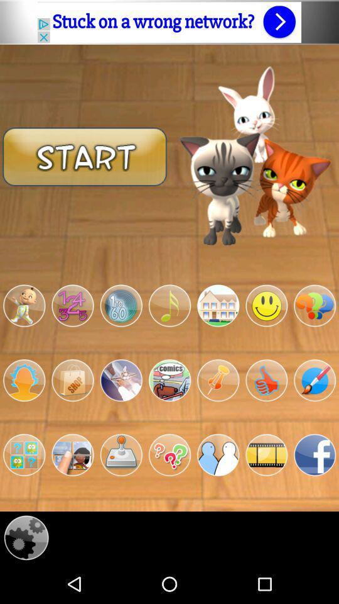  Describe the element at coordinates (169, 454) in the screenshot. I see `mystery option` at that location.